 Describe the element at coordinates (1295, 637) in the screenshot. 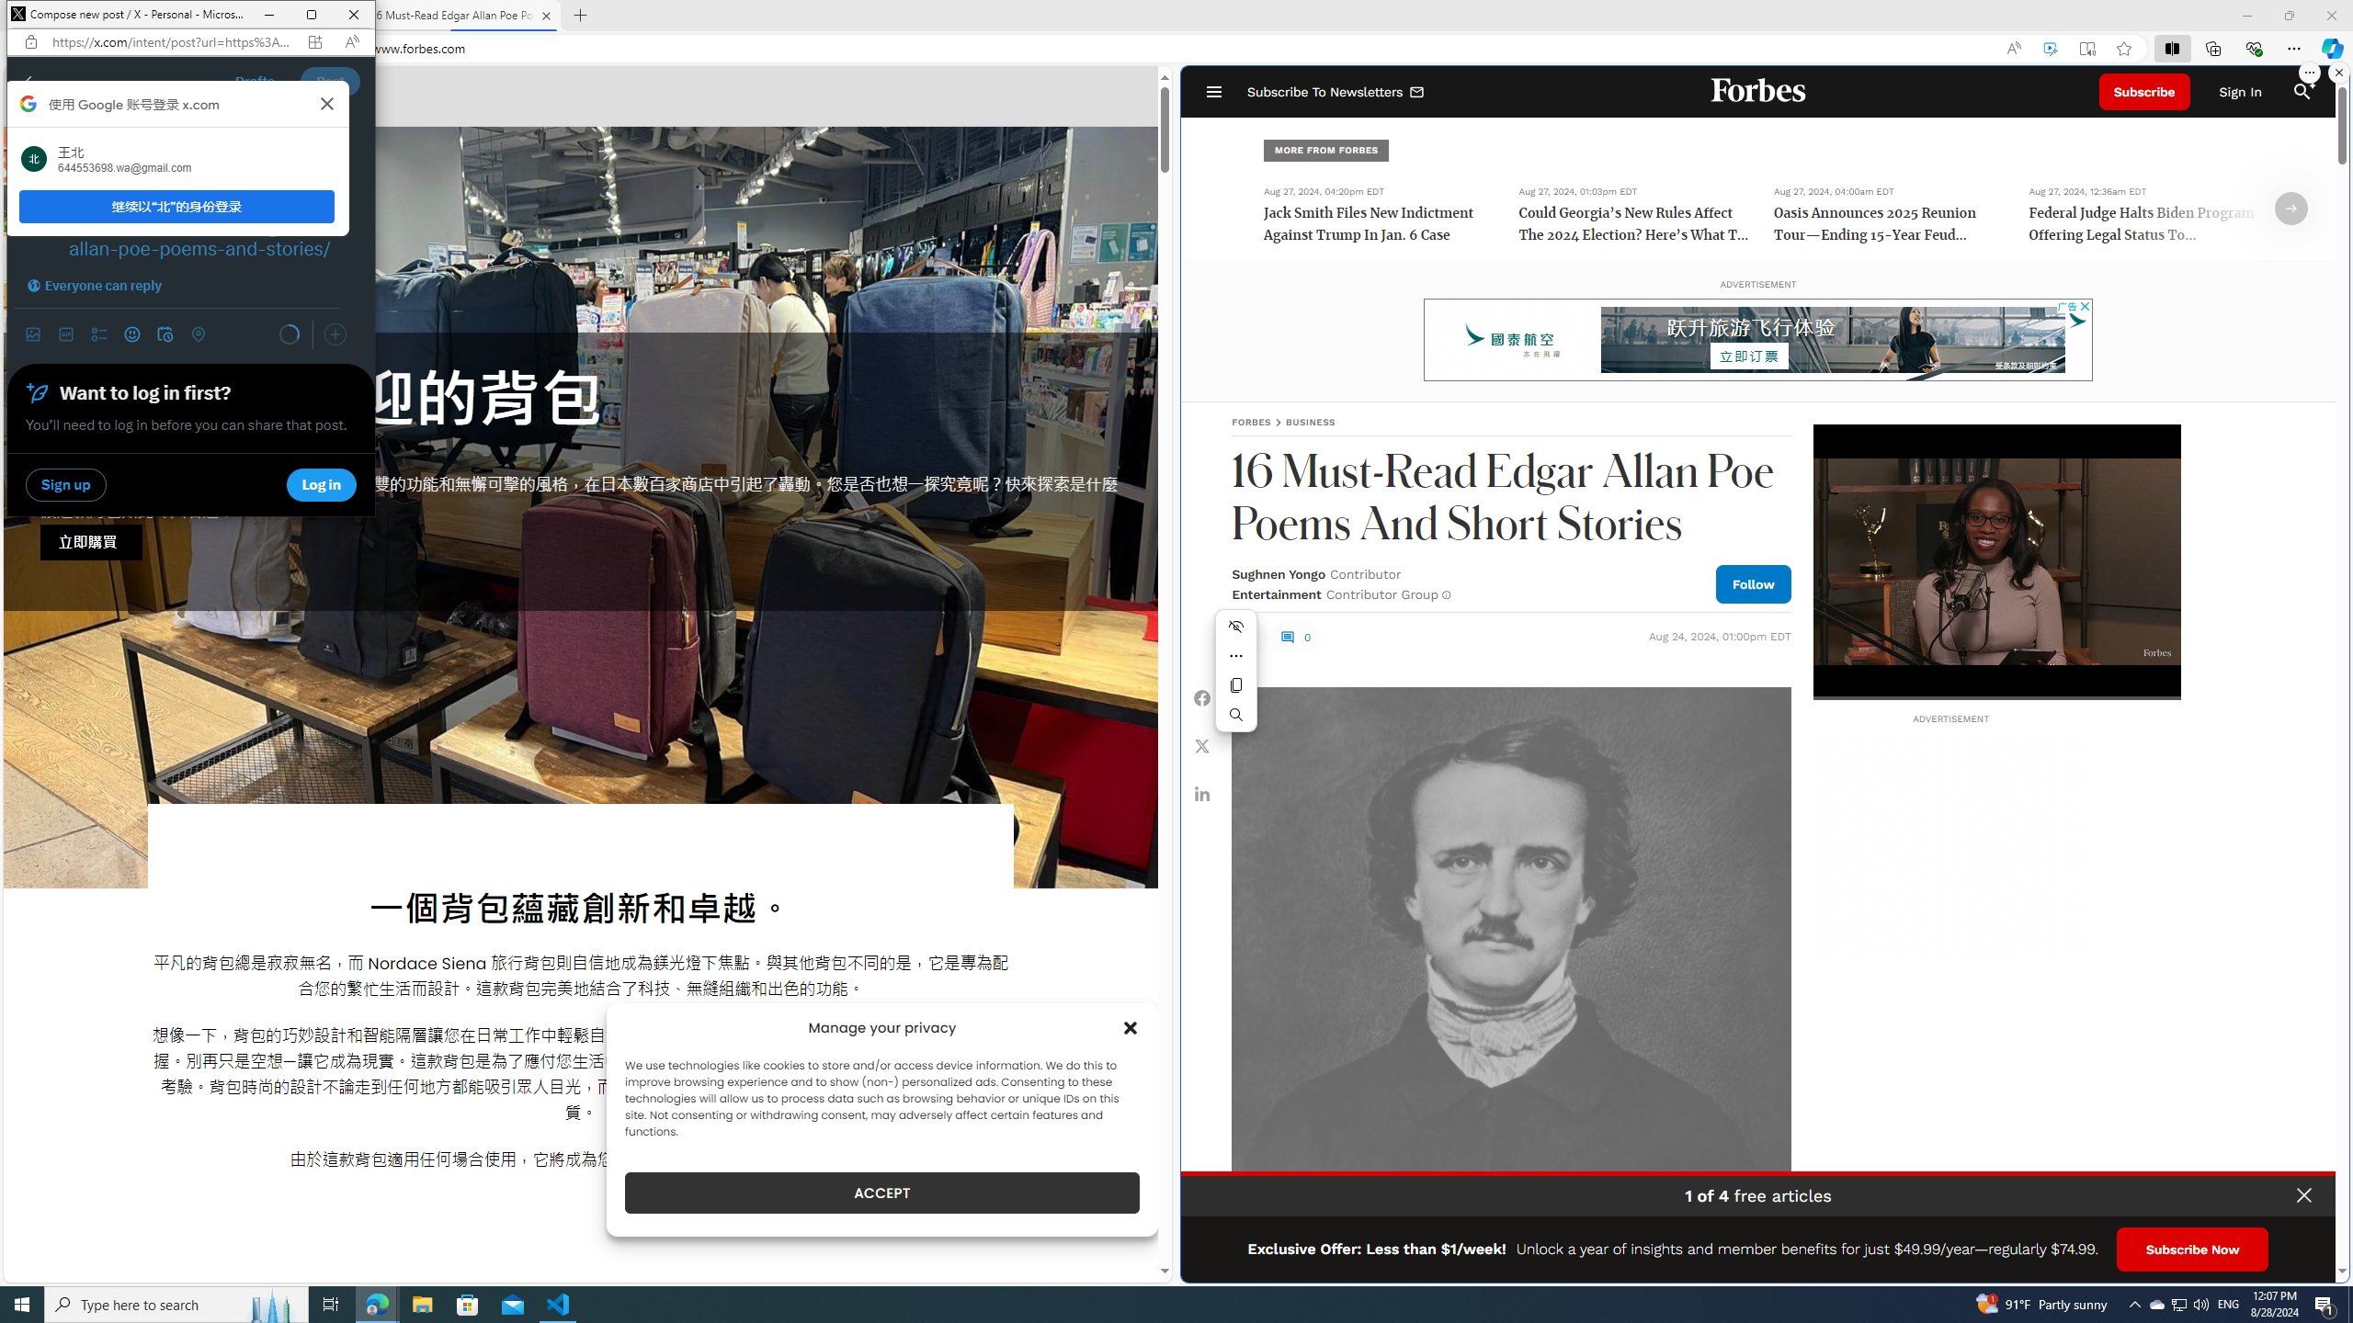

I see `'0'` at that location.